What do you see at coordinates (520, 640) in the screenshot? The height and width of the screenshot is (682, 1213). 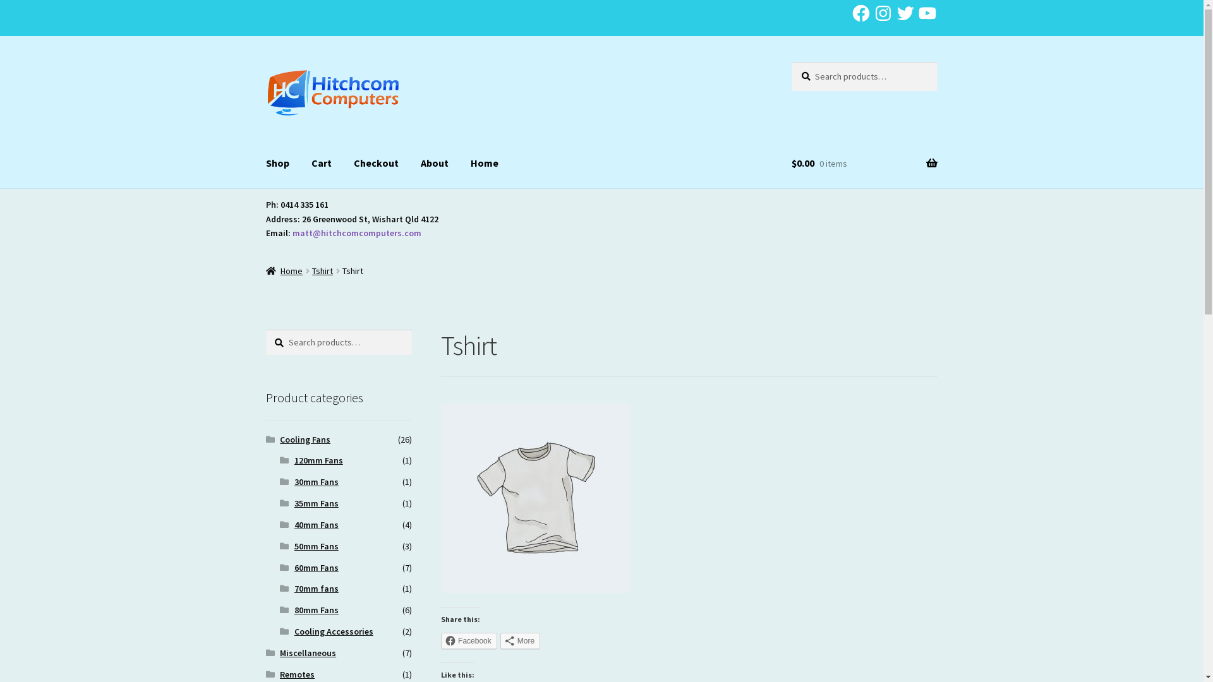 I see `'More'` at bounding box center [520, 640].